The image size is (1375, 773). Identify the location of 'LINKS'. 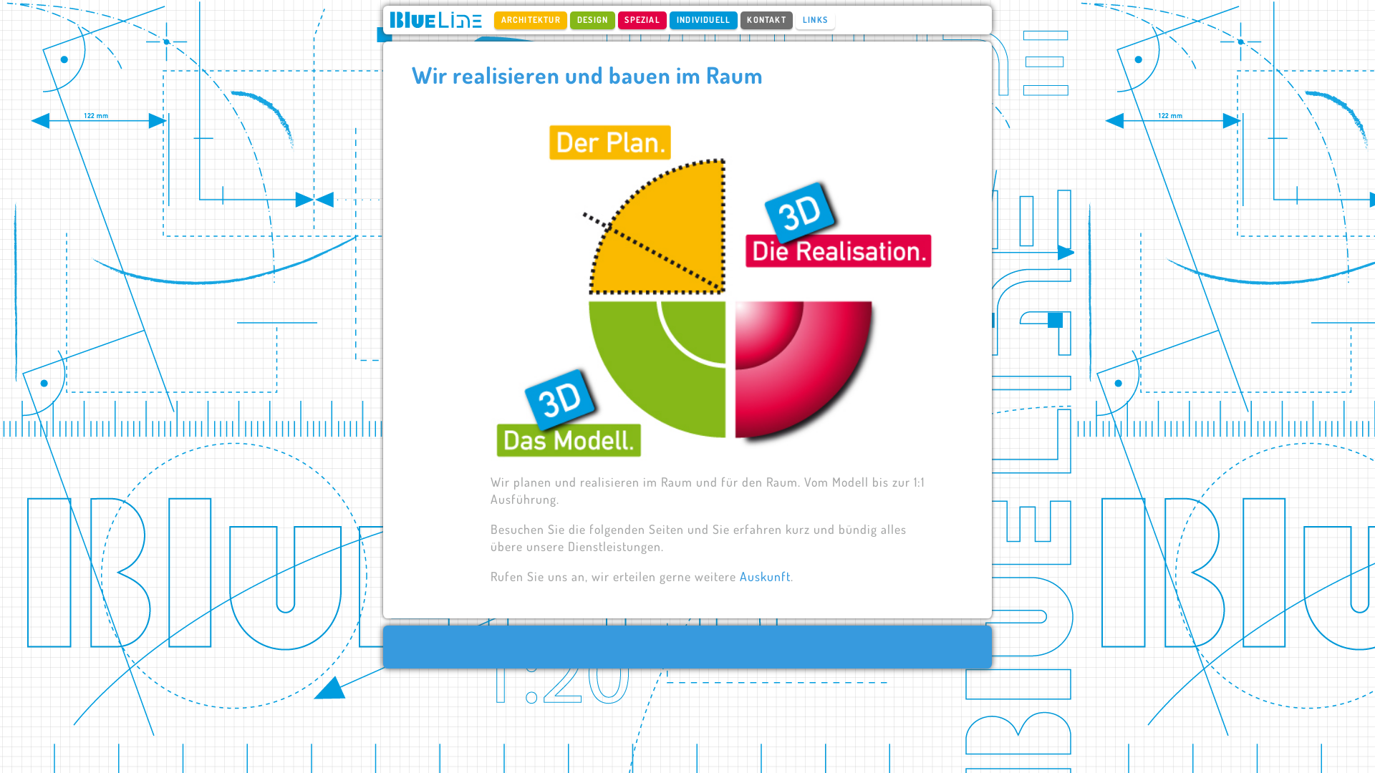
(814, 20).